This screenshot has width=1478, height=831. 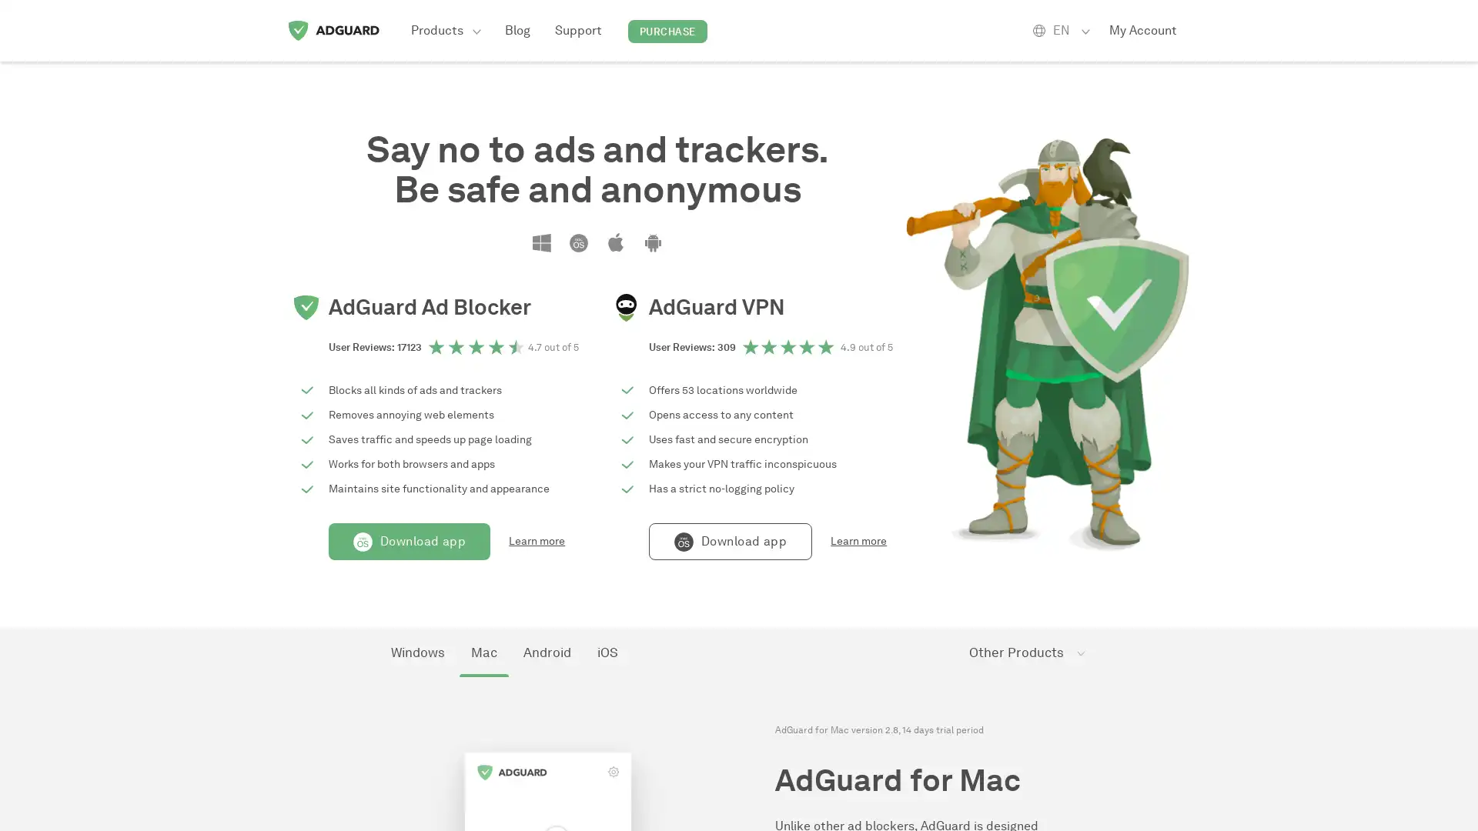 What do you see at coordinates (483, 652) in the screenshot?
I see `Mac` at bounding box center [483, 652].